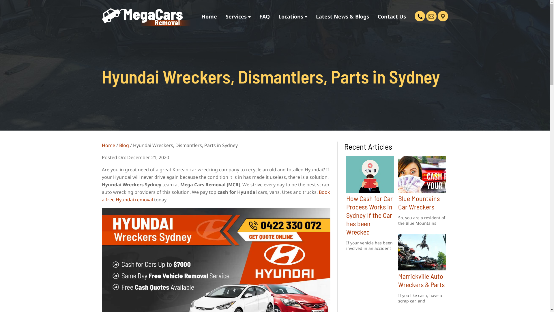 The width and height of the screenshot is (554, 312). Describe the element at coordinates (238, 16) in the screenshot. I see `'Services'` at that location.